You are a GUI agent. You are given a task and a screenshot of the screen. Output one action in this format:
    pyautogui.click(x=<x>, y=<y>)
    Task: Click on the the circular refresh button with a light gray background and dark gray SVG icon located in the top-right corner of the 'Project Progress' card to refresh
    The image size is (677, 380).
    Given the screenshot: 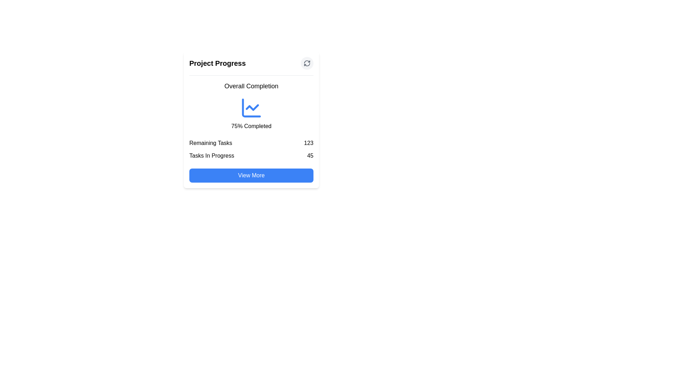 What is the action you would take?
    pyautogui.click(x=307, y=63)
    